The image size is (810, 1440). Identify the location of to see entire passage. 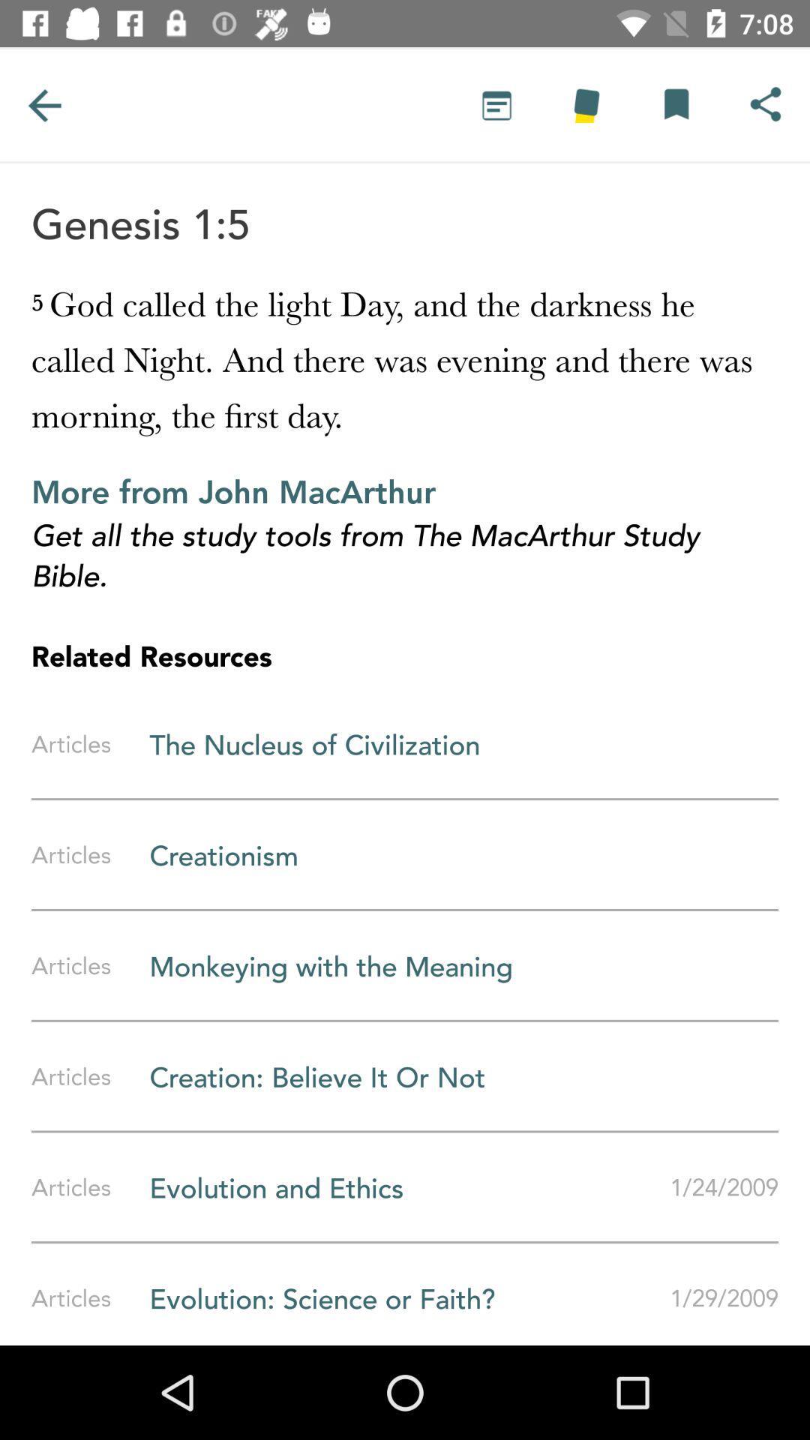
(496, 104).